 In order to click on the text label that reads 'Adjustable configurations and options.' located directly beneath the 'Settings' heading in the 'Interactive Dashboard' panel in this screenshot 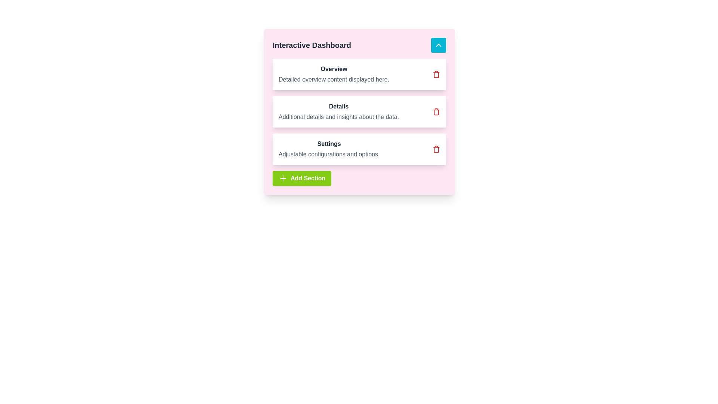, I will do `click(329, 154)`.